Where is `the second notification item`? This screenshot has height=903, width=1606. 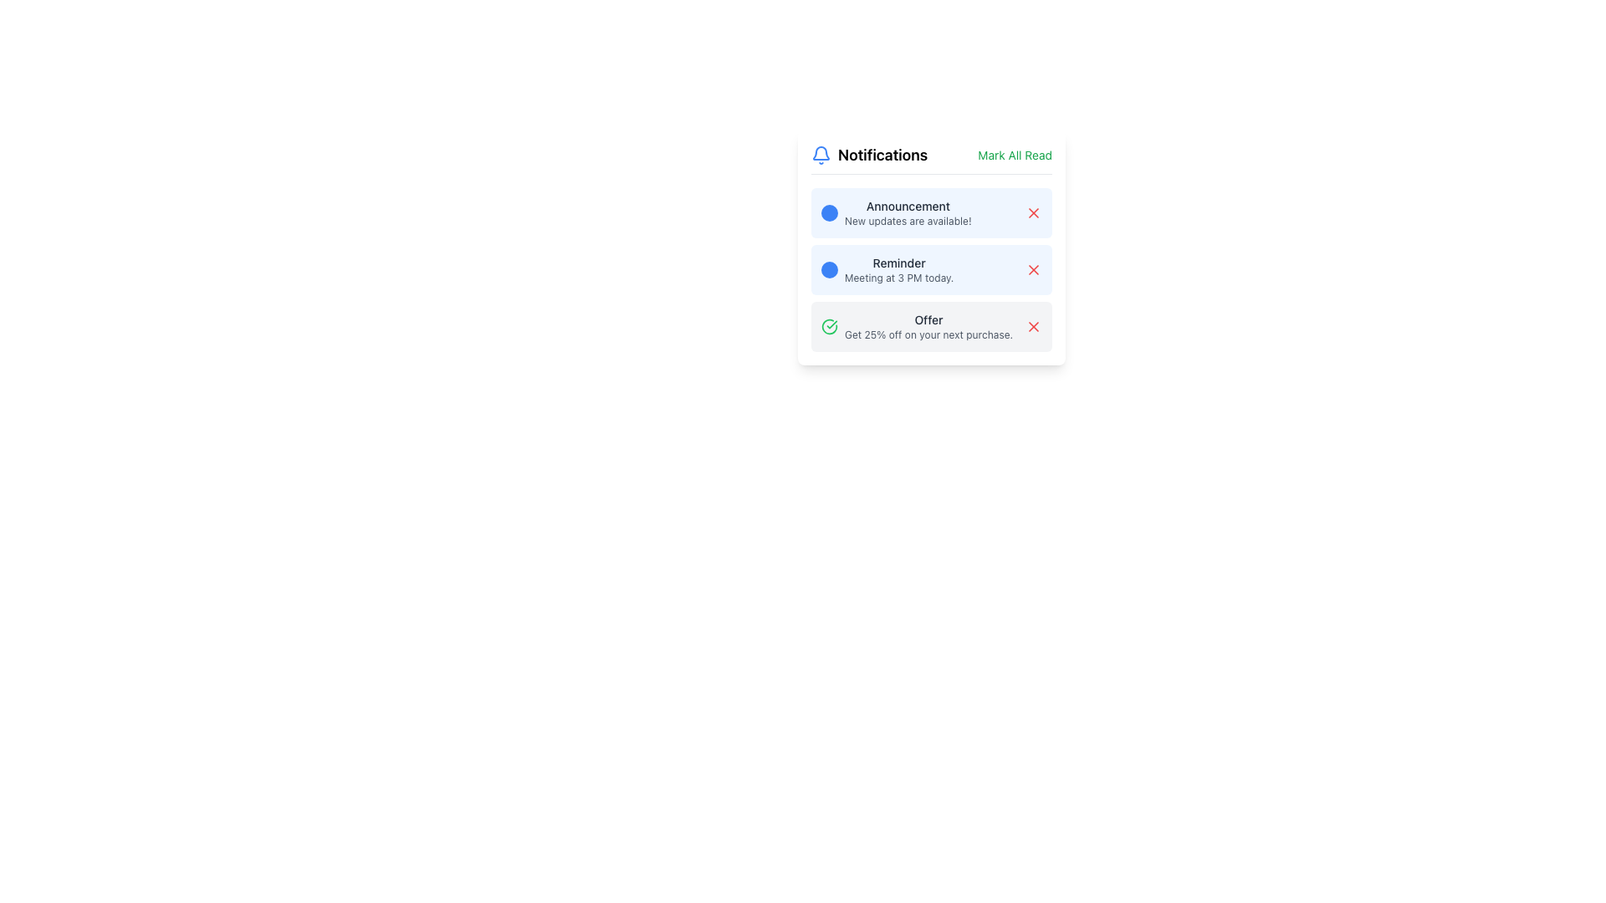 the second notification item is located at coordinates (930, 269).